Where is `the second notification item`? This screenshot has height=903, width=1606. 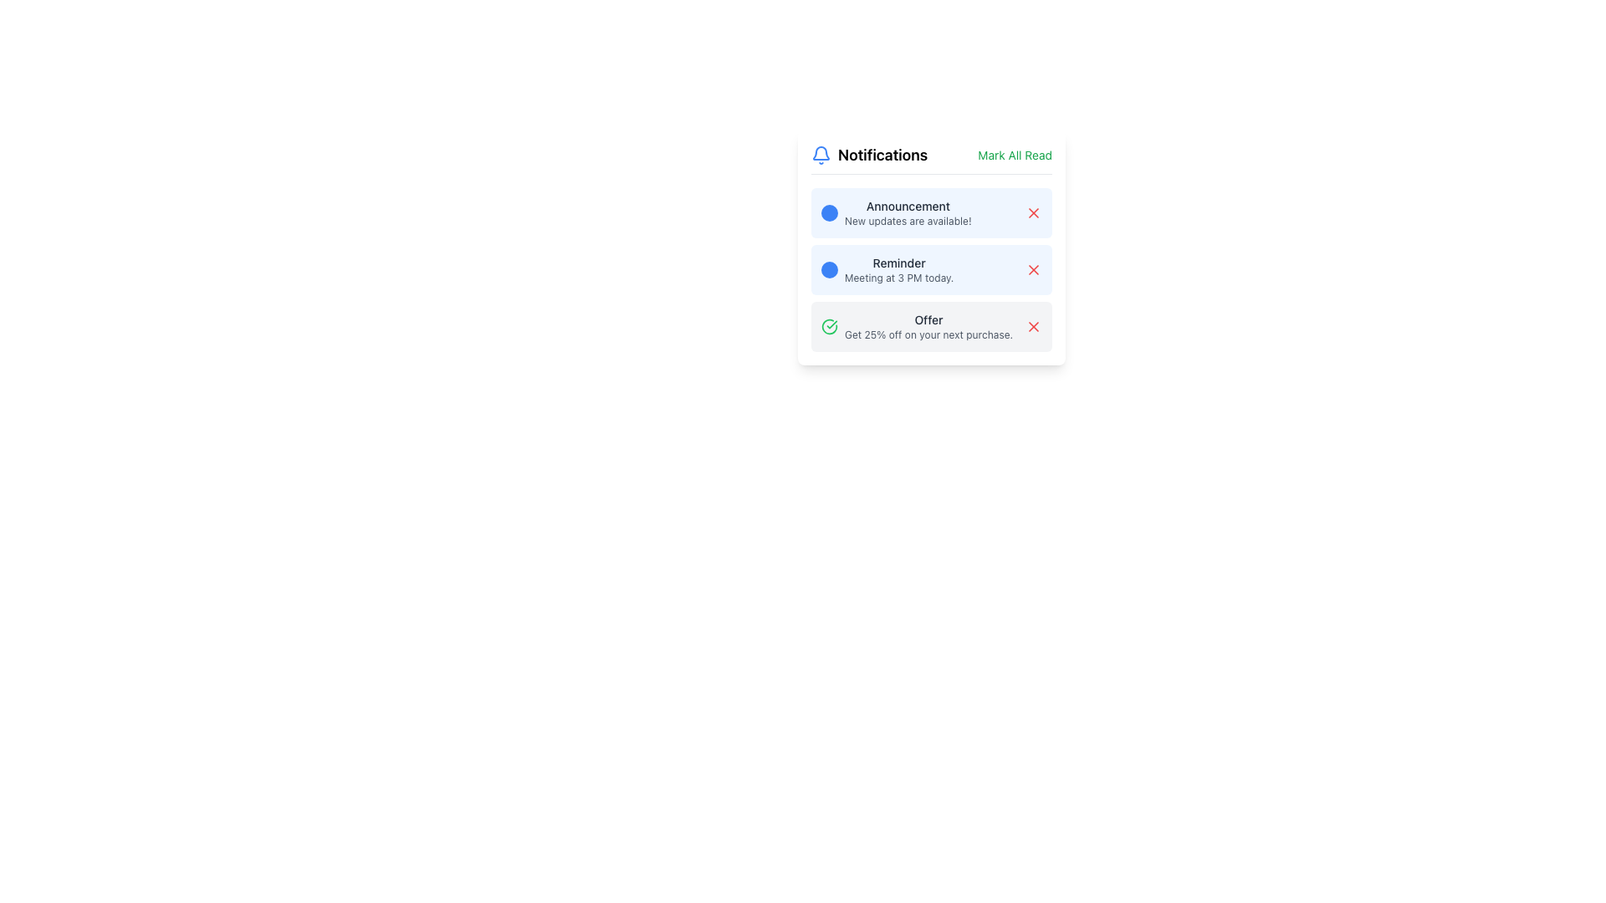 the second notification item is located at coordinates (930, 269).